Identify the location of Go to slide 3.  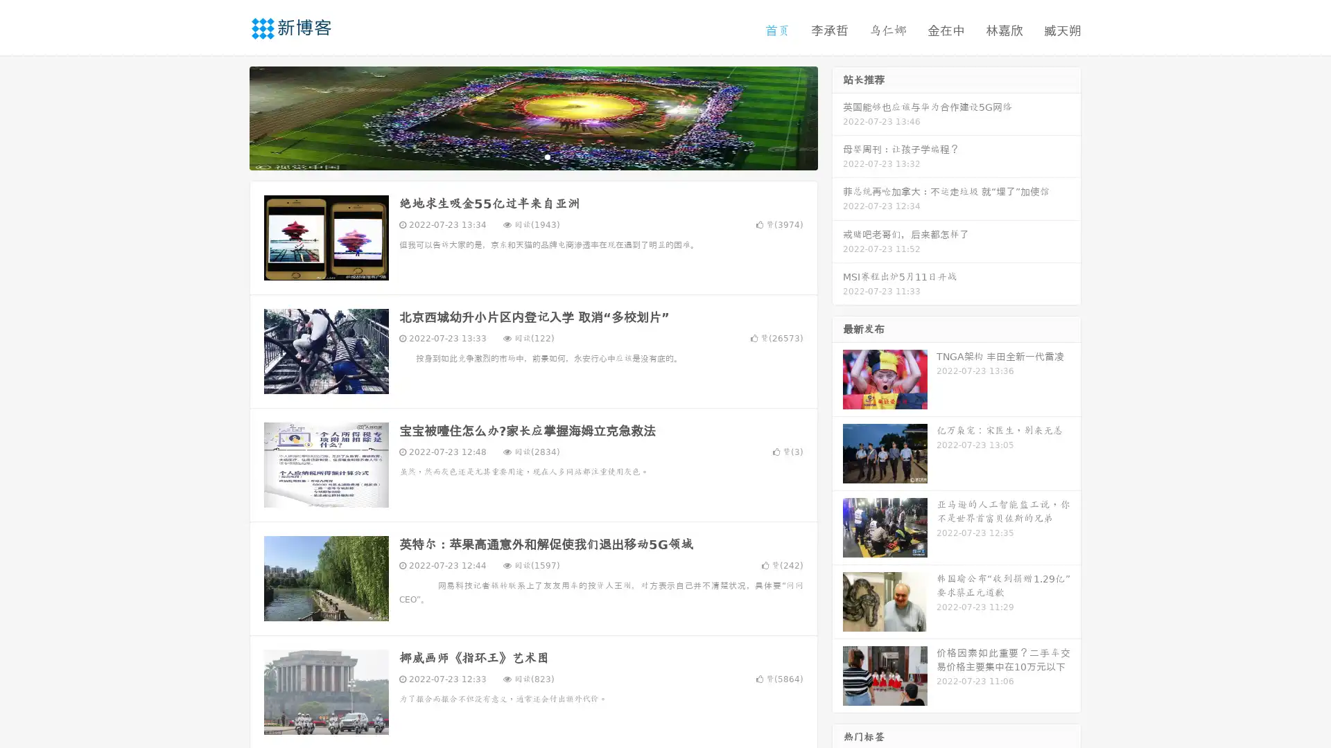
(547, 156).